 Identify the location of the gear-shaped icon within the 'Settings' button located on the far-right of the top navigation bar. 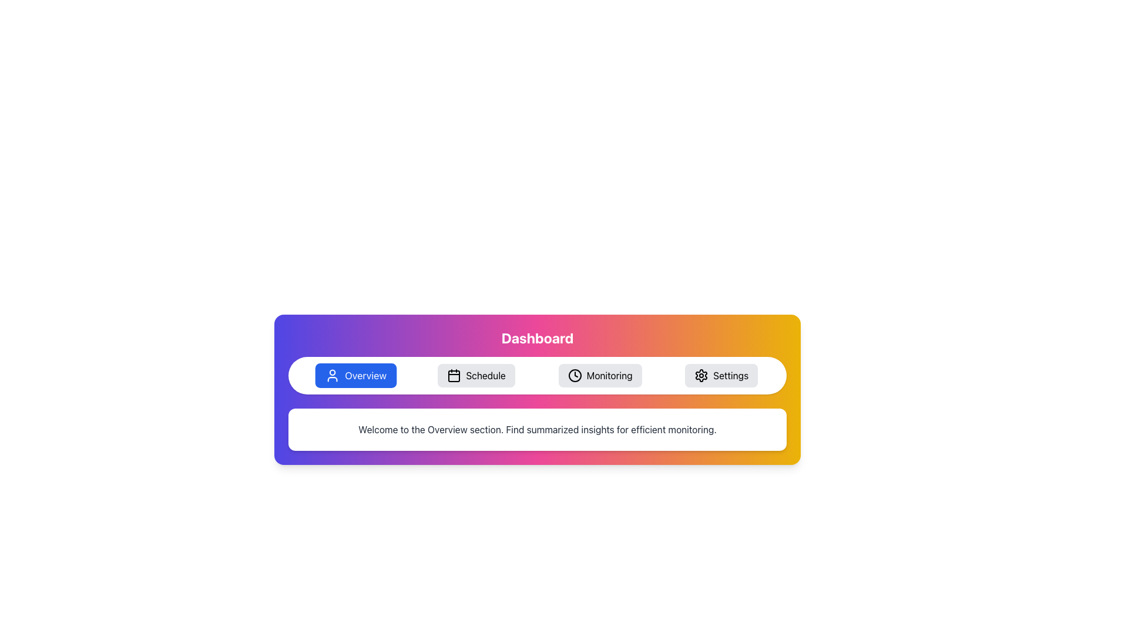
(701, 376).